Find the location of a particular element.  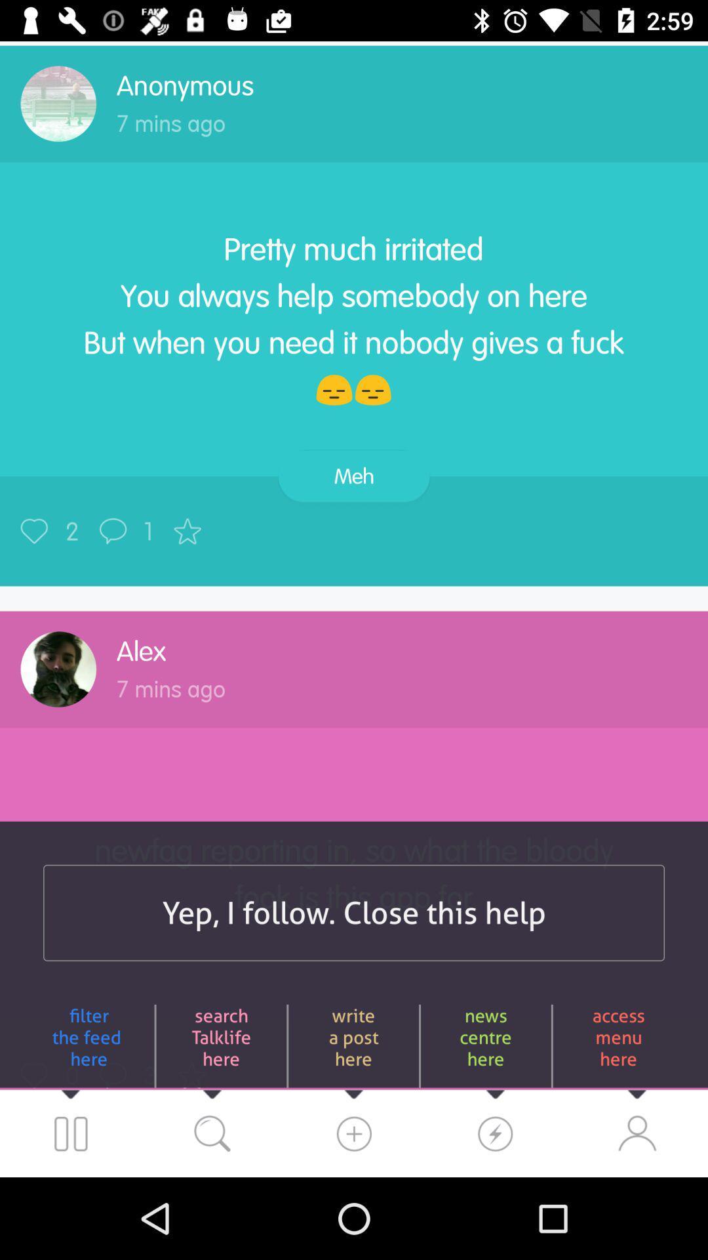

the microphone icon is located at coordinates (354, 1133).